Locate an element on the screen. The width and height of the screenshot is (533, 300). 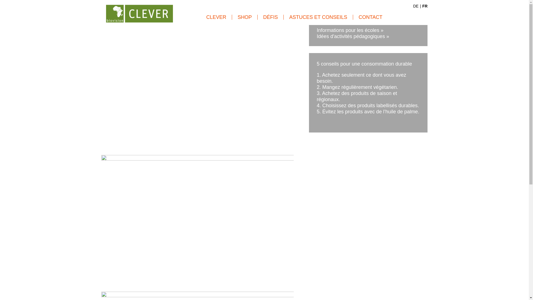
'CLEVER' is located at coordinates (216, 17).